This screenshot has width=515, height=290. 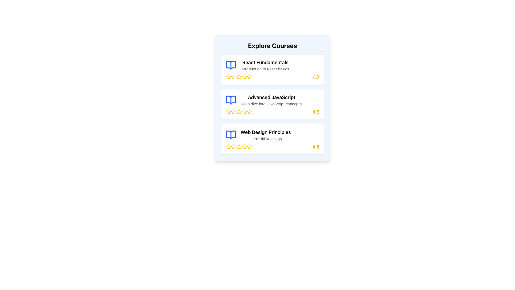 I want to click on the 5th star icon in the star rating system for the 'Advanced JavaScript' course, so click(x=244, y=111).